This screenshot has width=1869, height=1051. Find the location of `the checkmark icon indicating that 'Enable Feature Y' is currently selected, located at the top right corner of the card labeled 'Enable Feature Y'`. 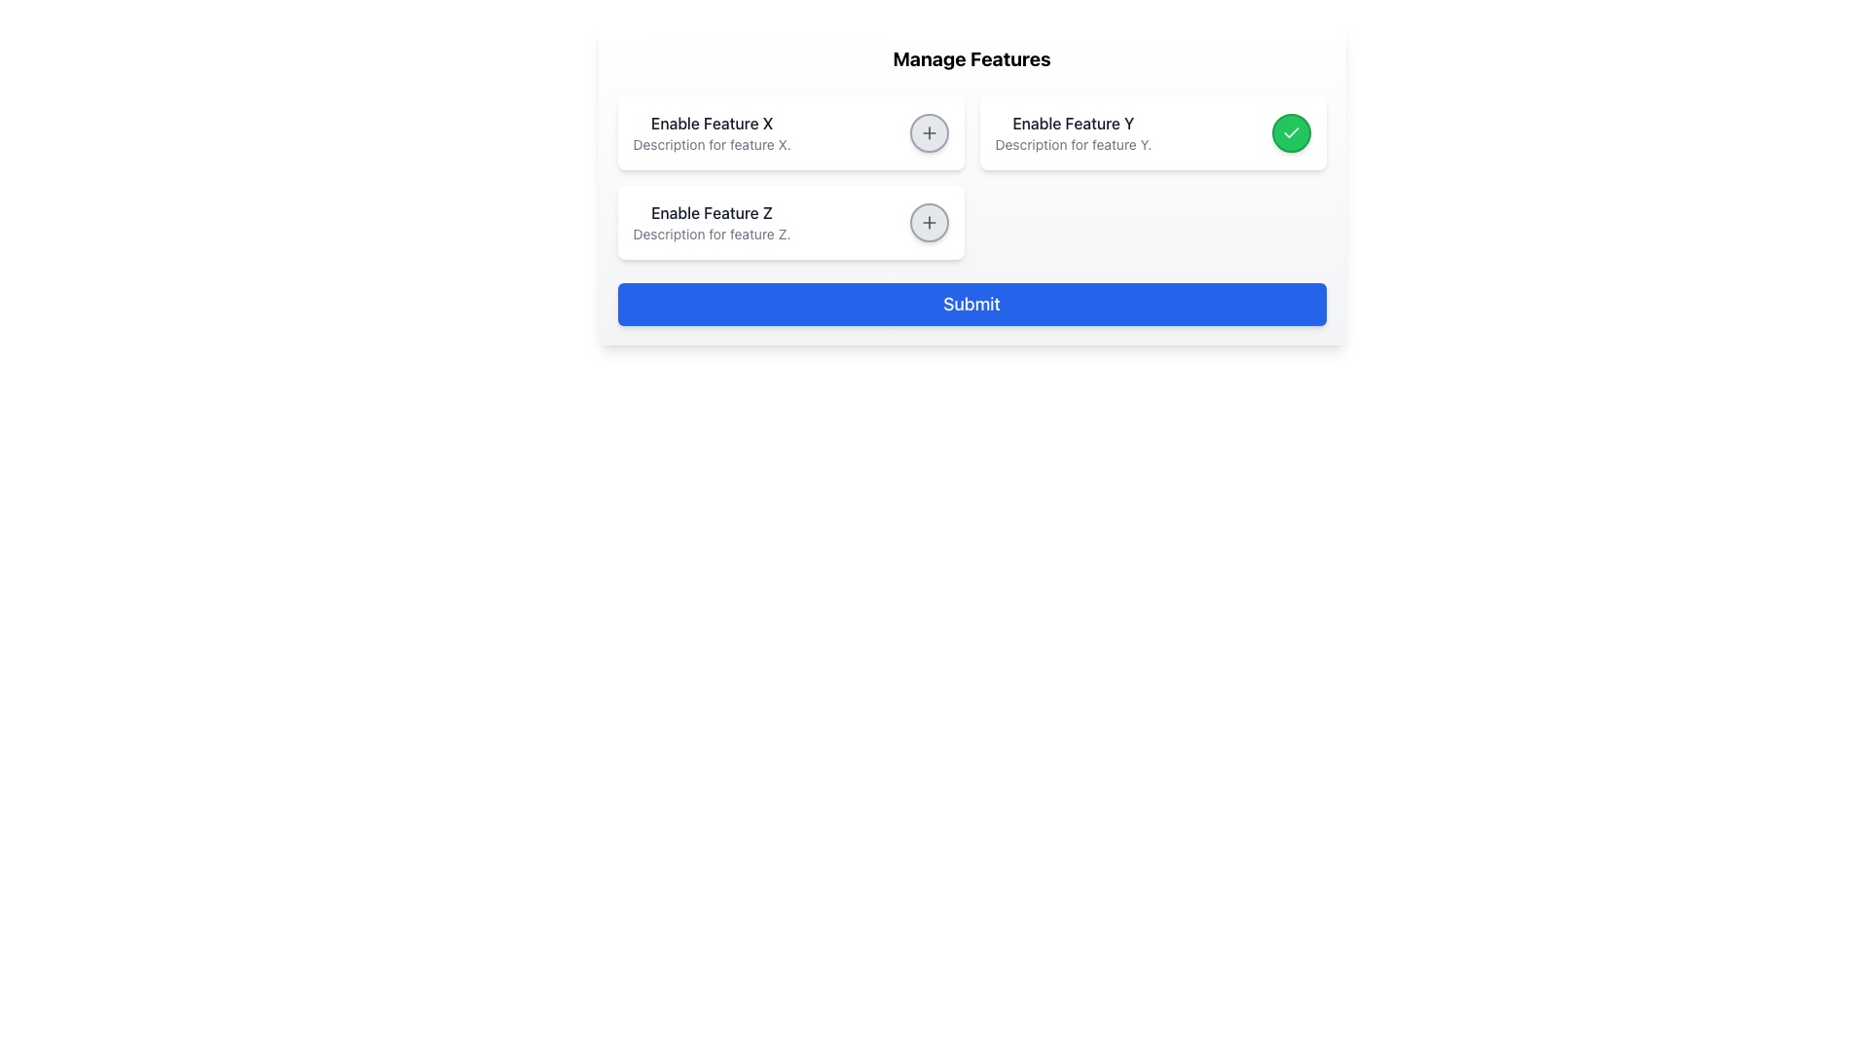

the checkmark icon indicating that 'Enable Feature Y' is currently selected, located at the top right corner of the card labeled 'Enable Feature Y' is located at coordinates (1291, 132).